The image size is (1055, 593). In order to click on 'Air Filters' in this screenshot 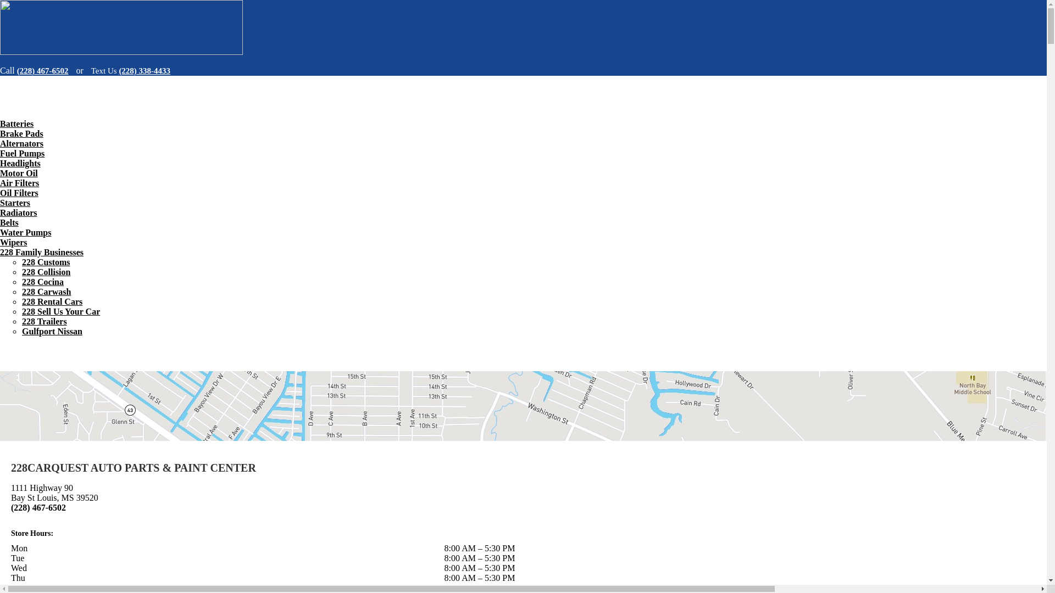, I will do `click(0, 182)`.